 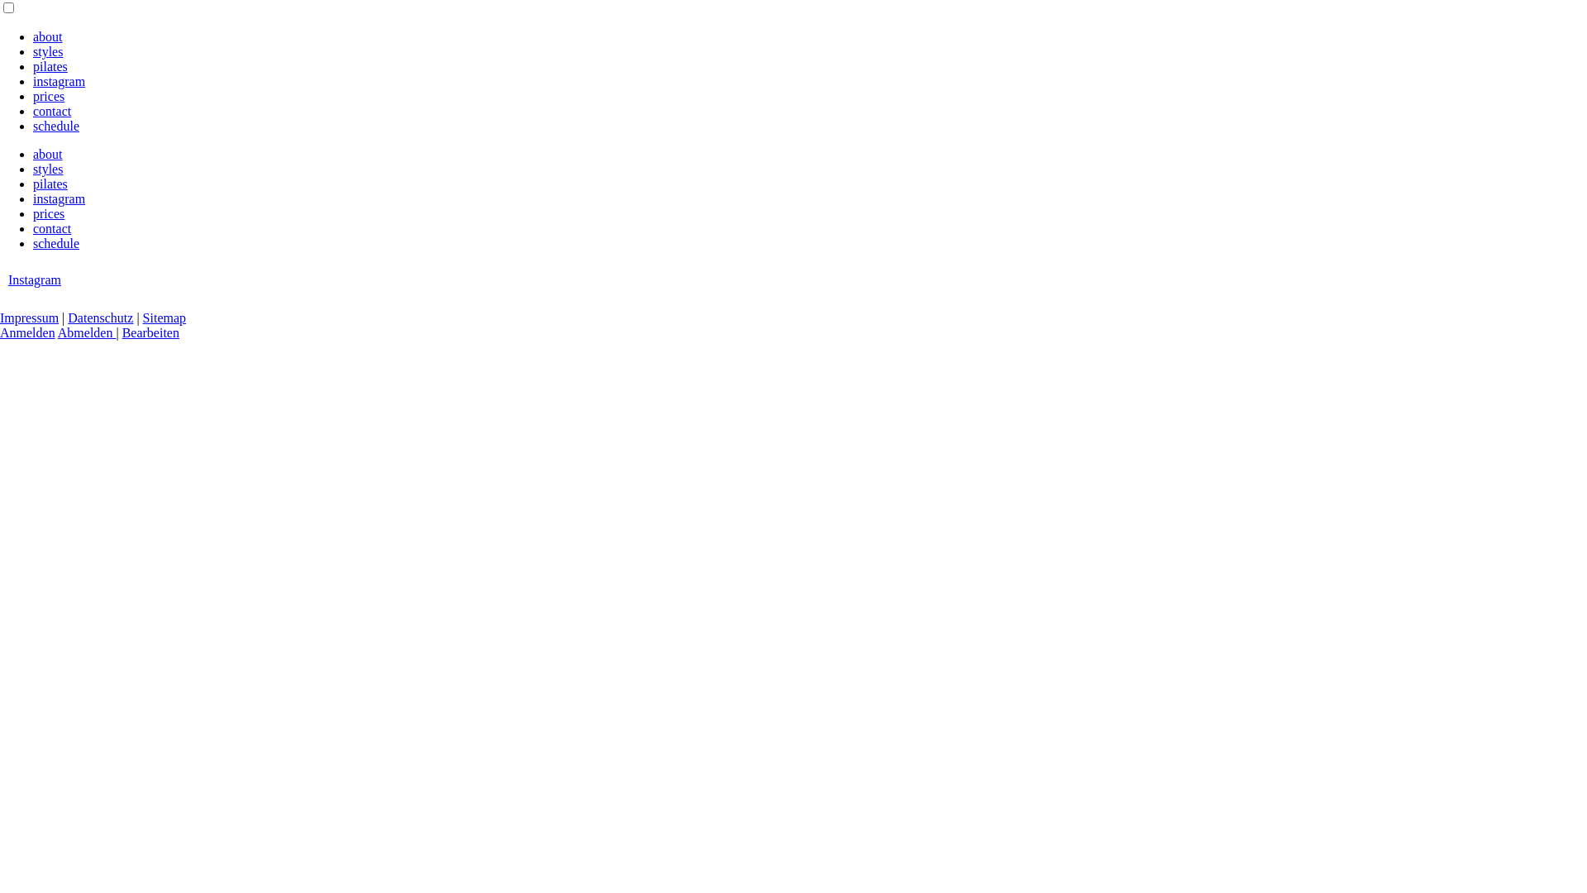 What do you see at coordinates (48, 96) in the screenshot?
I see `'prices'` at bounding box center [48, 96].